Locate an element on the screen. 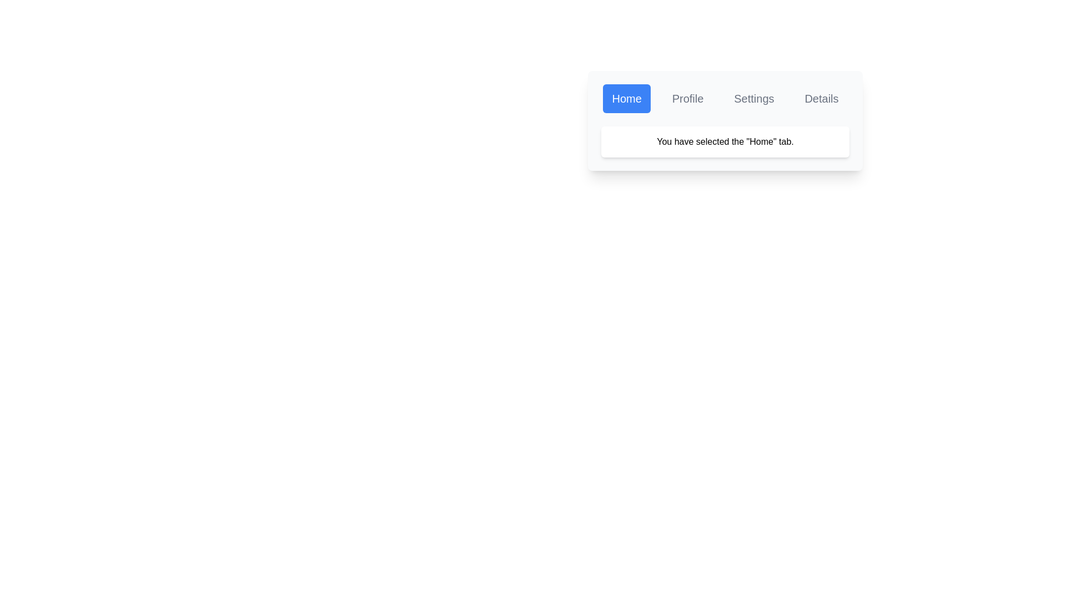 This screenshot has width=1066, height=599. the Details tab is located at coordinates (821, 98).